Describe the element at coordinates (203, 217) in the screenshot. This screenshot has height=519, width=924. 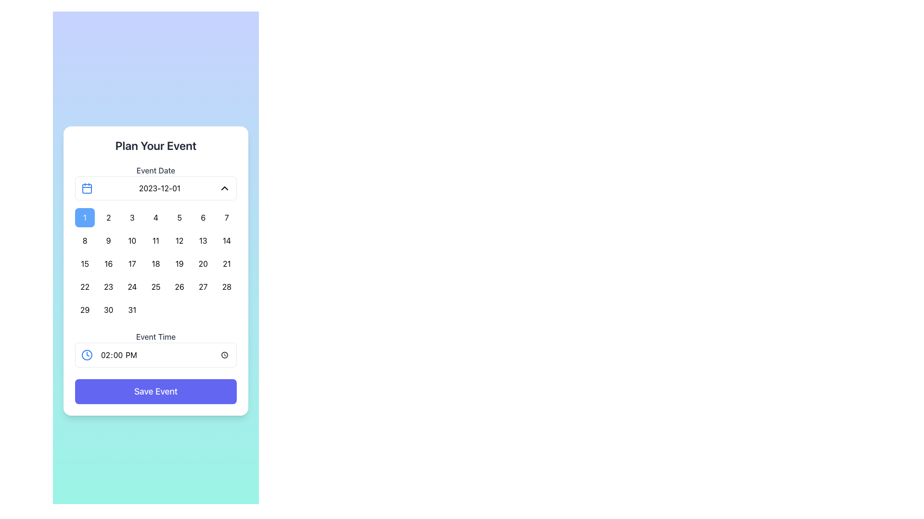
I see `the button representing the day '6' on the calendar` at that location.